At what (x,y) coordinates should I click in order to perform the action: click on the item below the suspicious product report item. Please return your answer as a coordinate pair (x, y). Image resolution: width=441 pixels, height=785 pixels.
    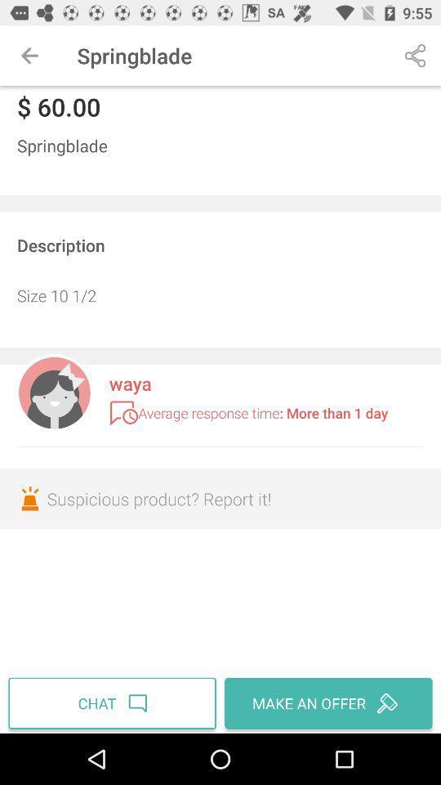
    Looking at the image, I should click on (114, 702).